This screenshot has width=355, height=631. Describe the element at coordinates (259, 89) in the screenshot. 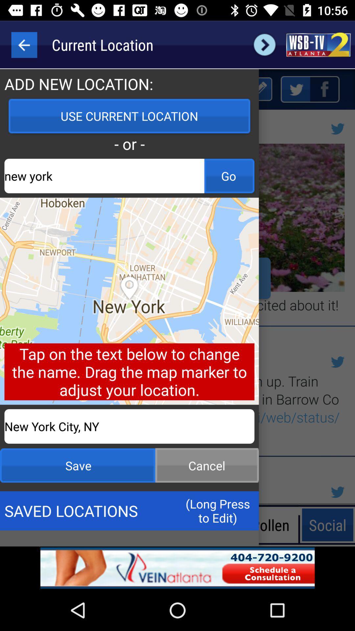

I see `the edit icon` at that location.